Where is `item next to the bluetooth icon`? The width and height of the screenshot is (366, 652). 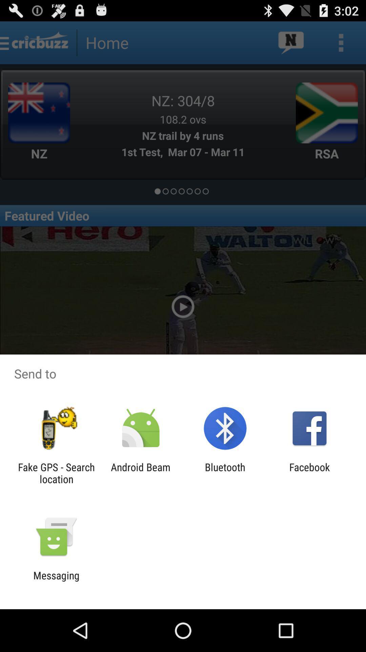
item next to the bluetooth icon is located at coordinates (309, 473).